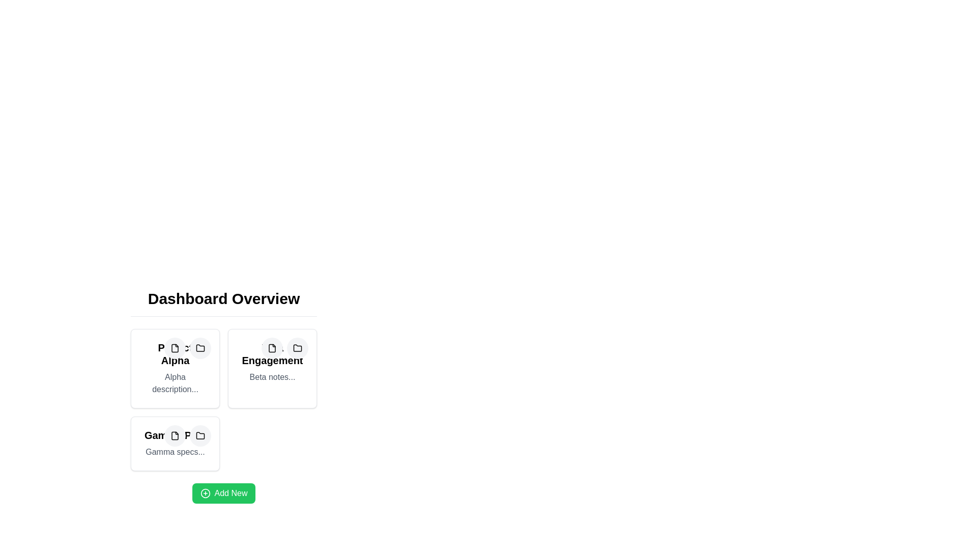  I want to click on the folder icon located in the first card under 'Dashboard Overview', positioned to the right of the document icon and beneath the letter P icon within the card labeled 'Alpha', so click(200, 347).